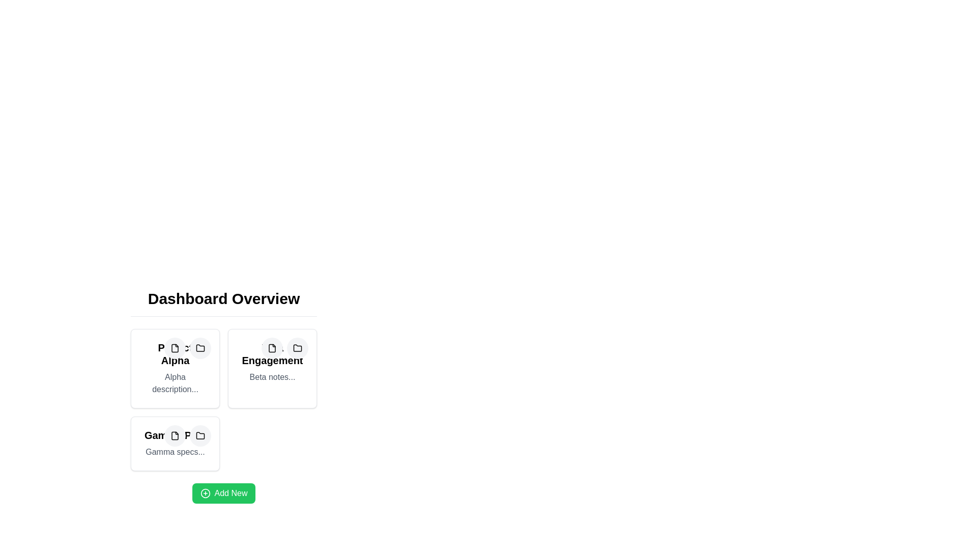  I want to click on the folder icon located in the first card under 'Dashboard Overview', positioned to the right of the document icon and beneath the letter P icon within the card labeled 'Alpha', so click(200, 347).